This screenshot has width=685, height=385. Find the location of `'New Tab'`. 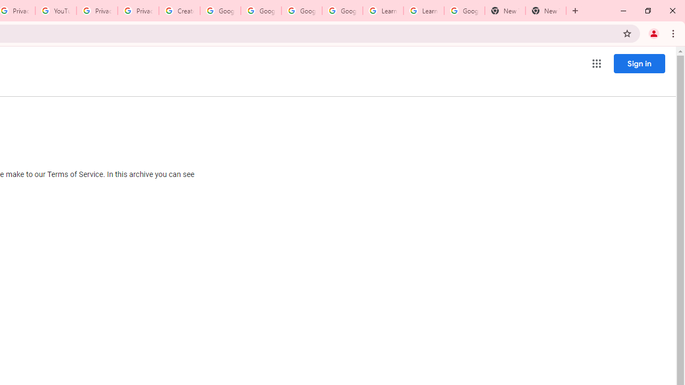

'New Tab' is located at coordinates (505, 11).